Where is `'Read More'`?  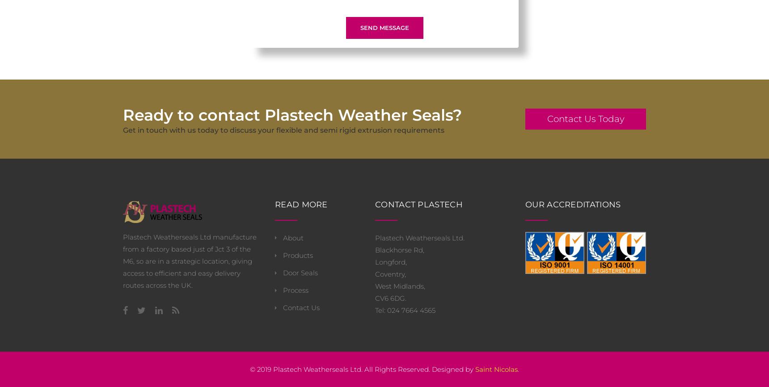
'Read More' is located at coordinates (301, 205).